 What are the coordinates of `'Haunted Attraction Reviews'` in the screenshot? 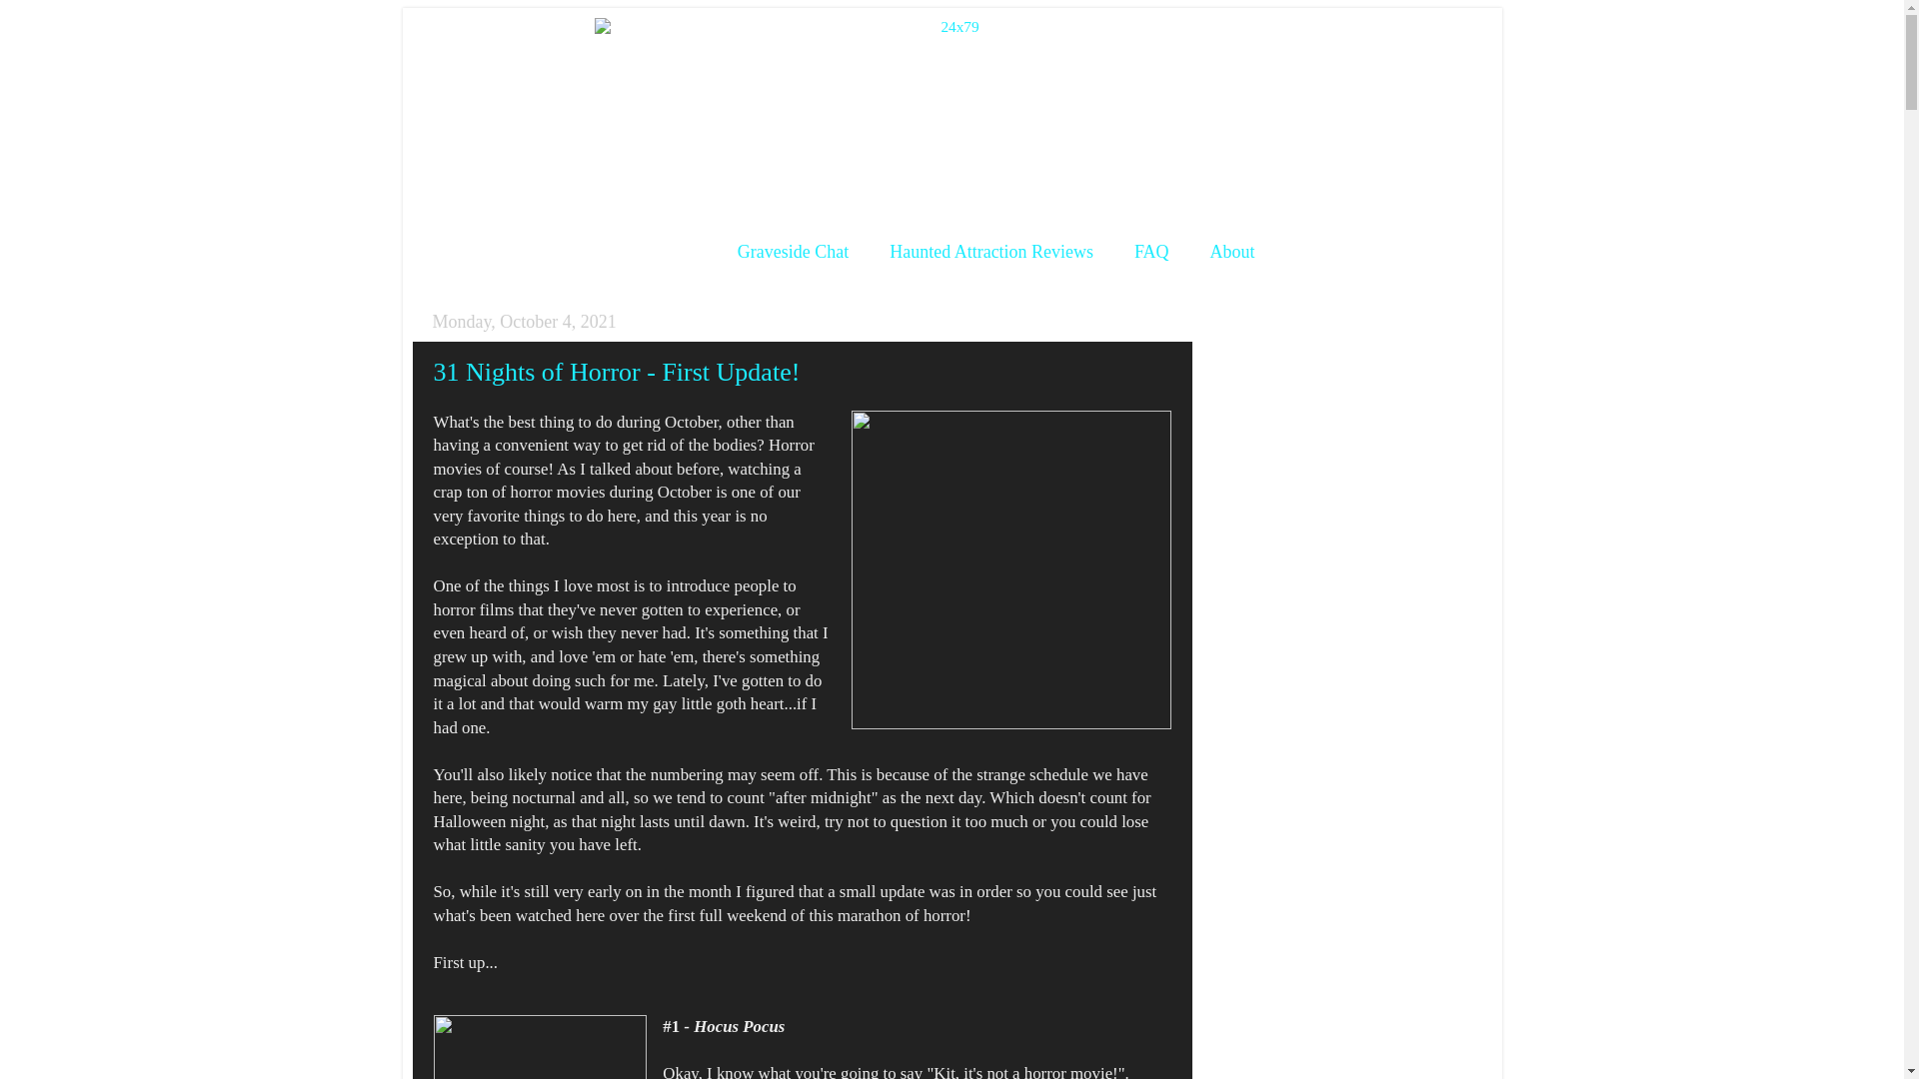 It's located at (991, 251).